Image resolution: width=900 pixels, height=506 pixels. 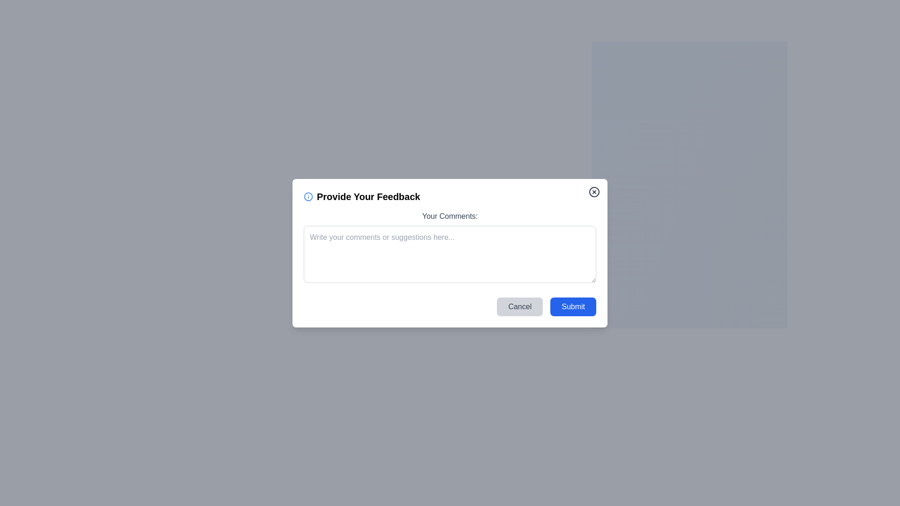 I want to click on the submit button located at the bottom-right corner of the feedback submission form, immediately to the right of the gray 'Cancel' button, so click(x=573, y=306).